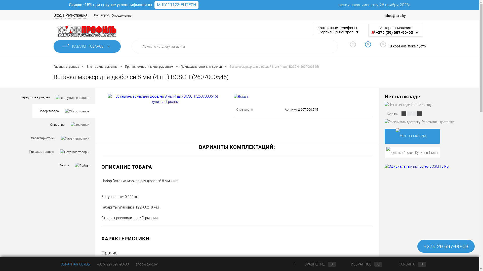  Describe the element at coordinates (350, 47) in the screenshot. I see `'0'` at that location.